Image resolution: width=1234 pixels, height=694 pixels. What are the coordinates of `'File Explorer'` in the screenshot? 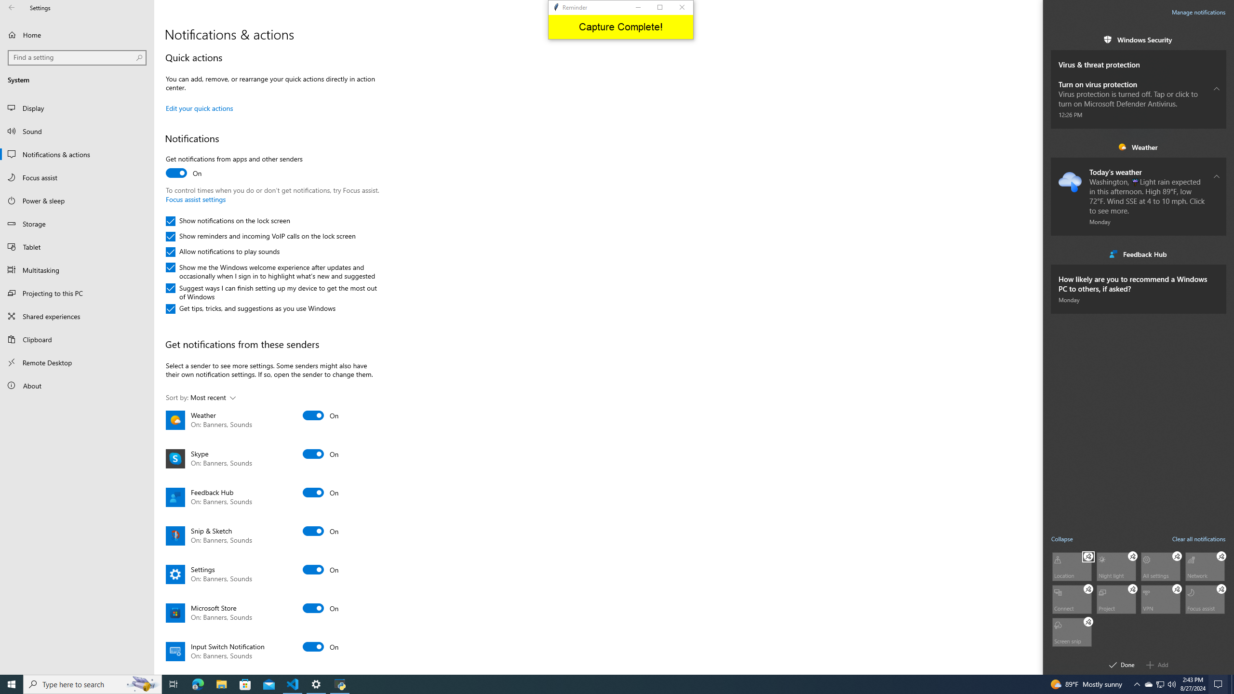 It's located at (221, 683).